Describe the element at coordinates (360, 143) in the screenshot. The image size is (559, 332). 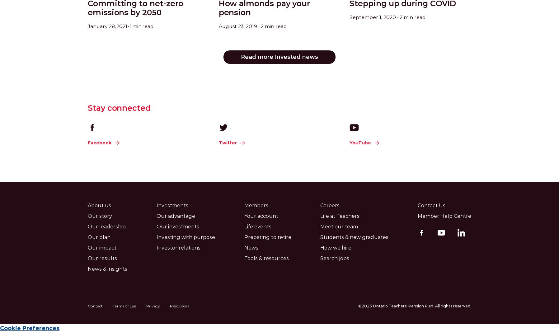
I see `'YouTube'` at that location.